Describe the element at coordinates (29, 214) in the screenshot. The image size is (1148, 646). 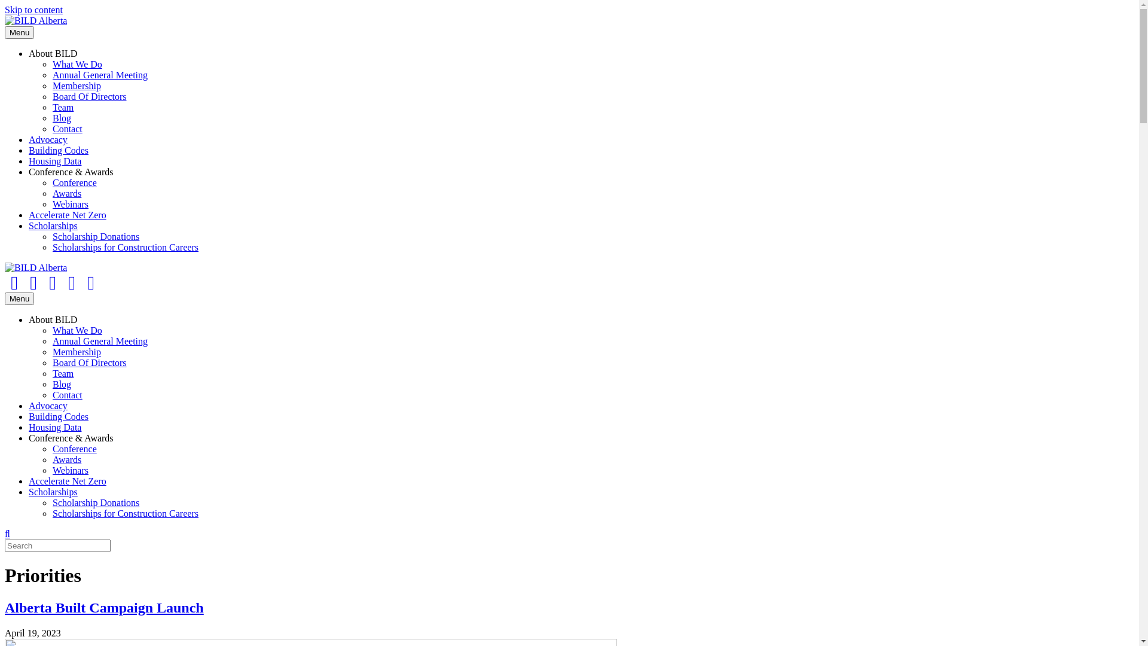
I see `'Accelerate Net Zero'` at that location.